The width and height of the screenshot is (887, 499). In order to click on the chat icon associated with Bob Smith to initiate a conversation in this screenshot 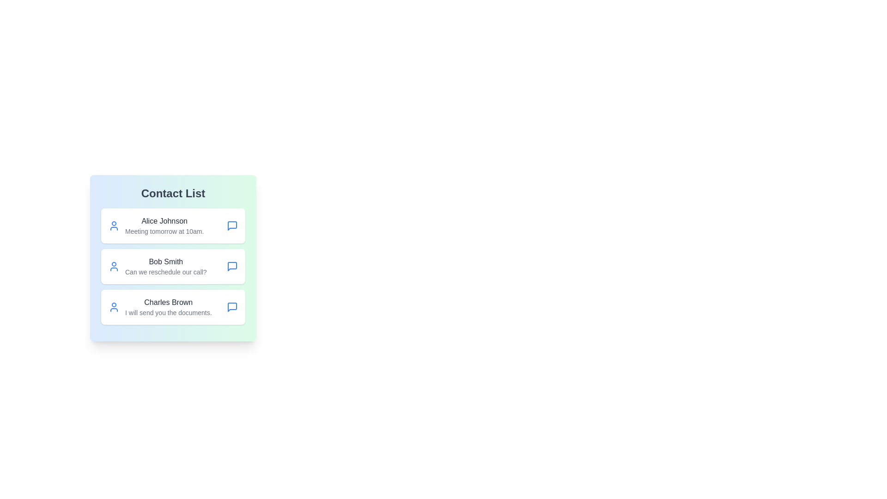, I will do `click(232, 267)`.